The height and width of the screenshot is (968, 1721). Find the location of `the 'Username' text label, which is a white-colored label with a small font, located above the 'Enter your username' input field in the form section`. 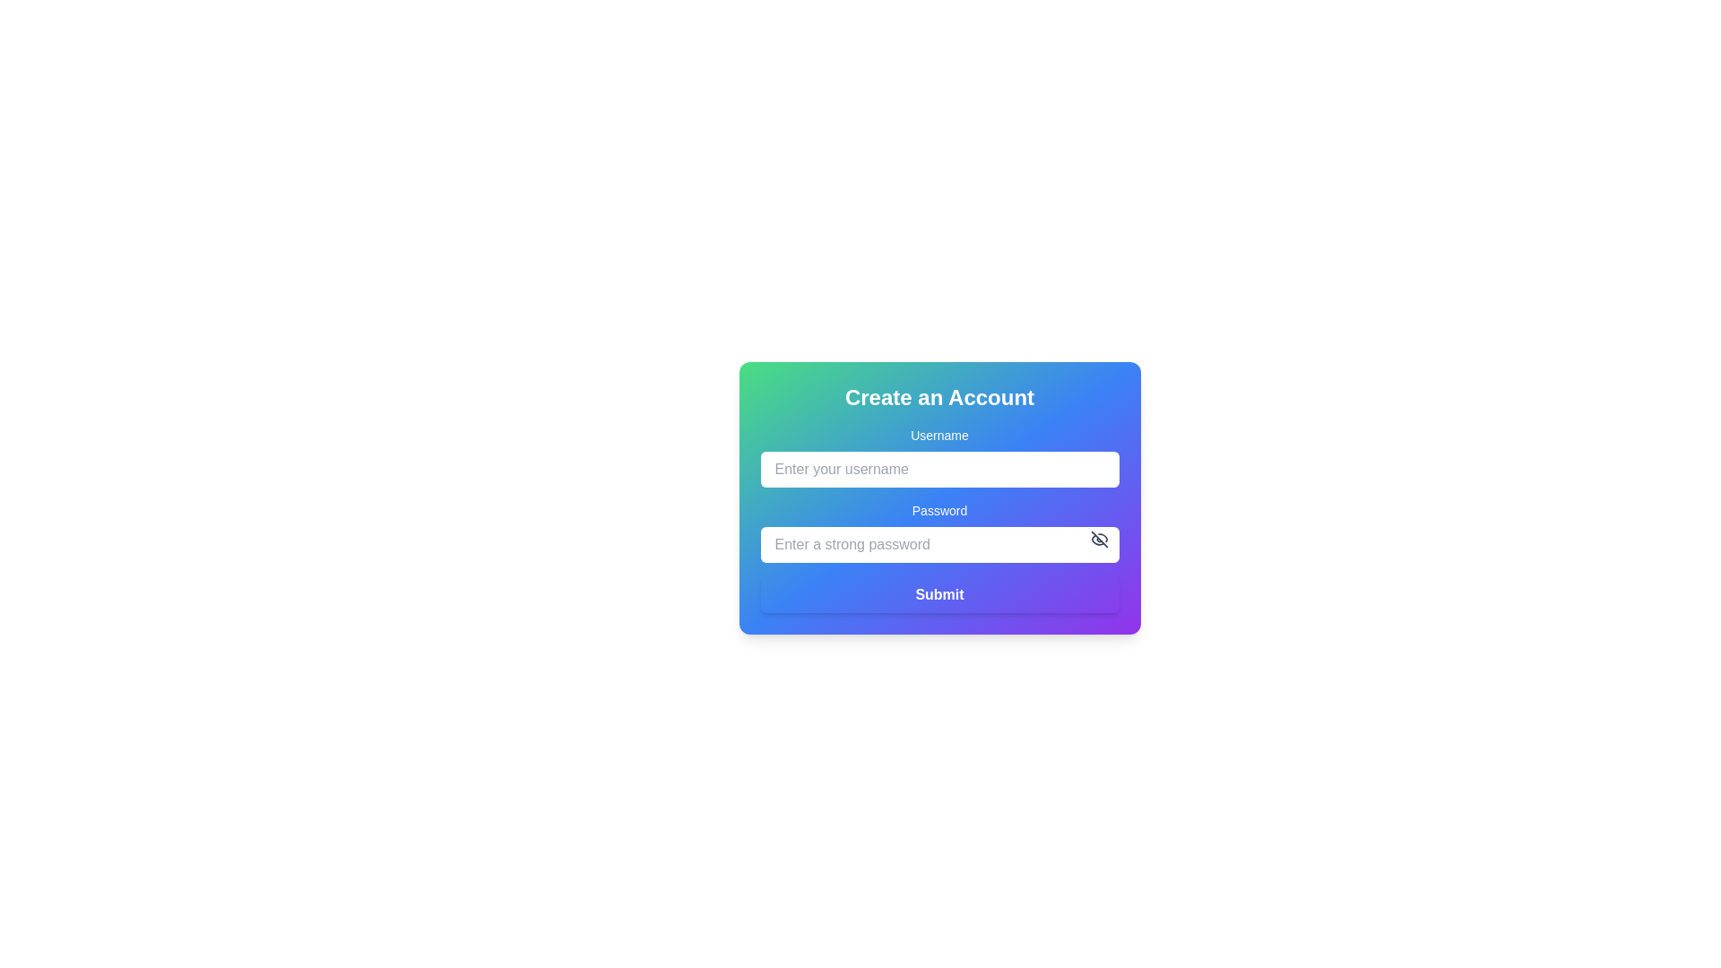

the 'Username' text label, which is a white-colored label with a small font, located above the 'Enter your username' input field in the form section is located at coordinates (938, 436).